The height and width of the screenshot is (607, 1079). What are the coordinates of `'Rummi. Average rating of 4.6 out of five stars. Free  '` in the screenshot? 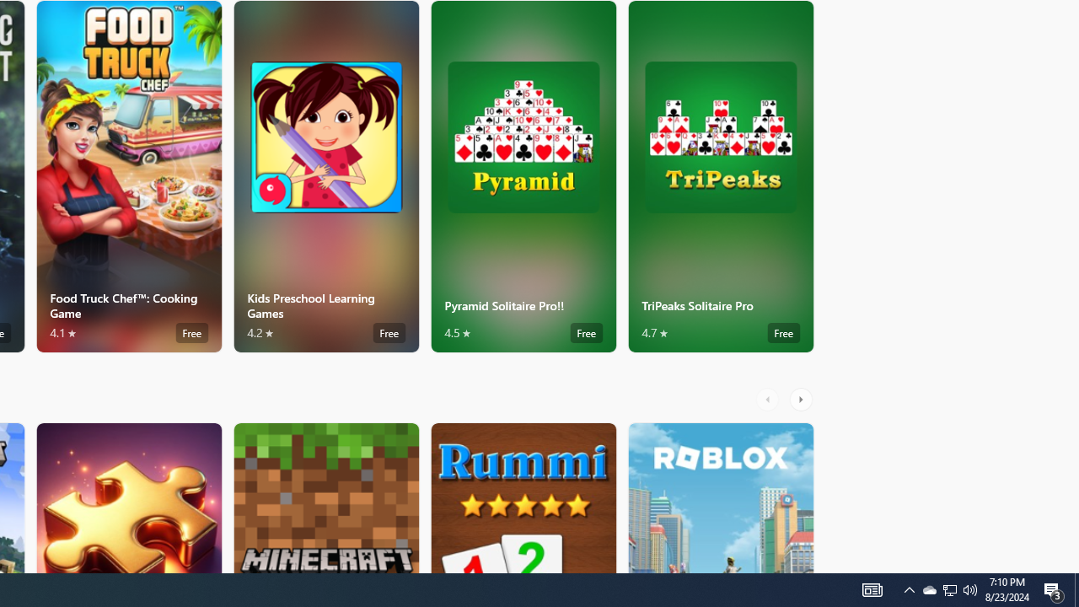 It's located at (522, 497).